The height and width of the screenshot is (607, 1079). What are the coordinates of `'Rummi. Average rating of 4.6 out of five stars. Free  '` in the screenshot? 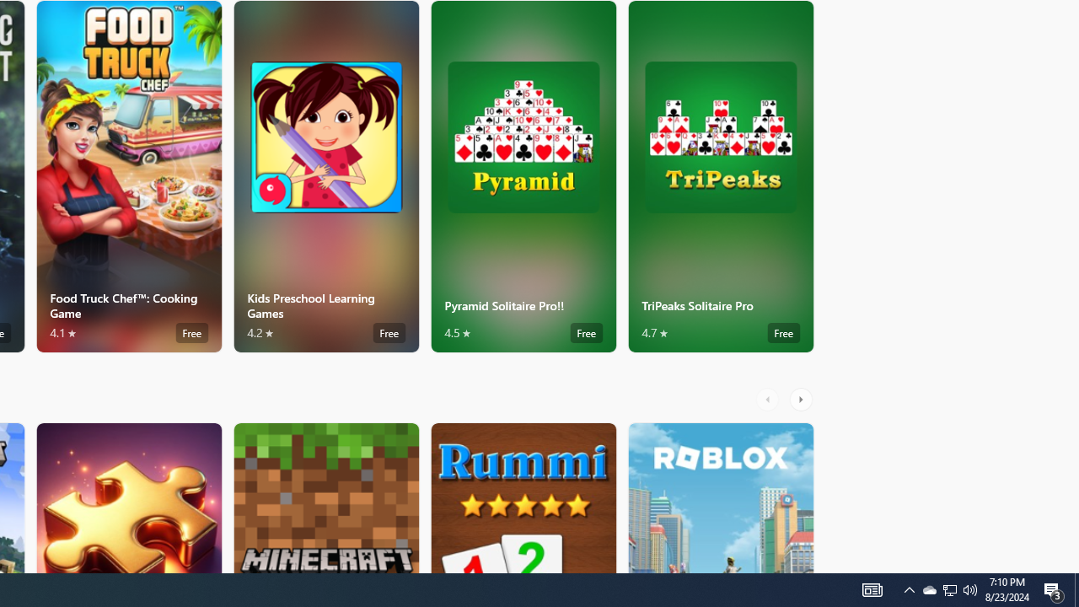 It's located at (522, 497).